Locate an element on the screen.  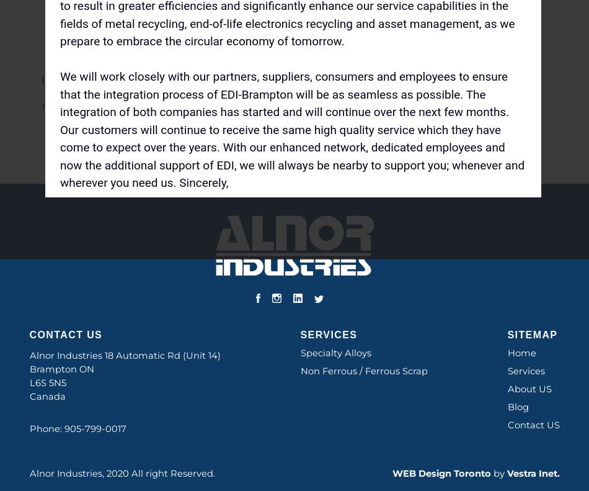
'User Comments' is located at coordinates (93, 79).